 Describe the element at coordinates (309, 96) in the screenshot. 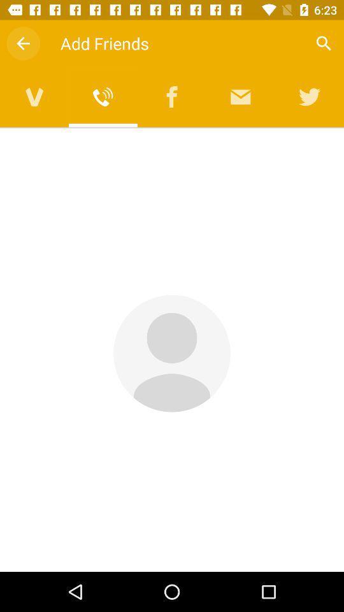

I see `tweet` at that location.